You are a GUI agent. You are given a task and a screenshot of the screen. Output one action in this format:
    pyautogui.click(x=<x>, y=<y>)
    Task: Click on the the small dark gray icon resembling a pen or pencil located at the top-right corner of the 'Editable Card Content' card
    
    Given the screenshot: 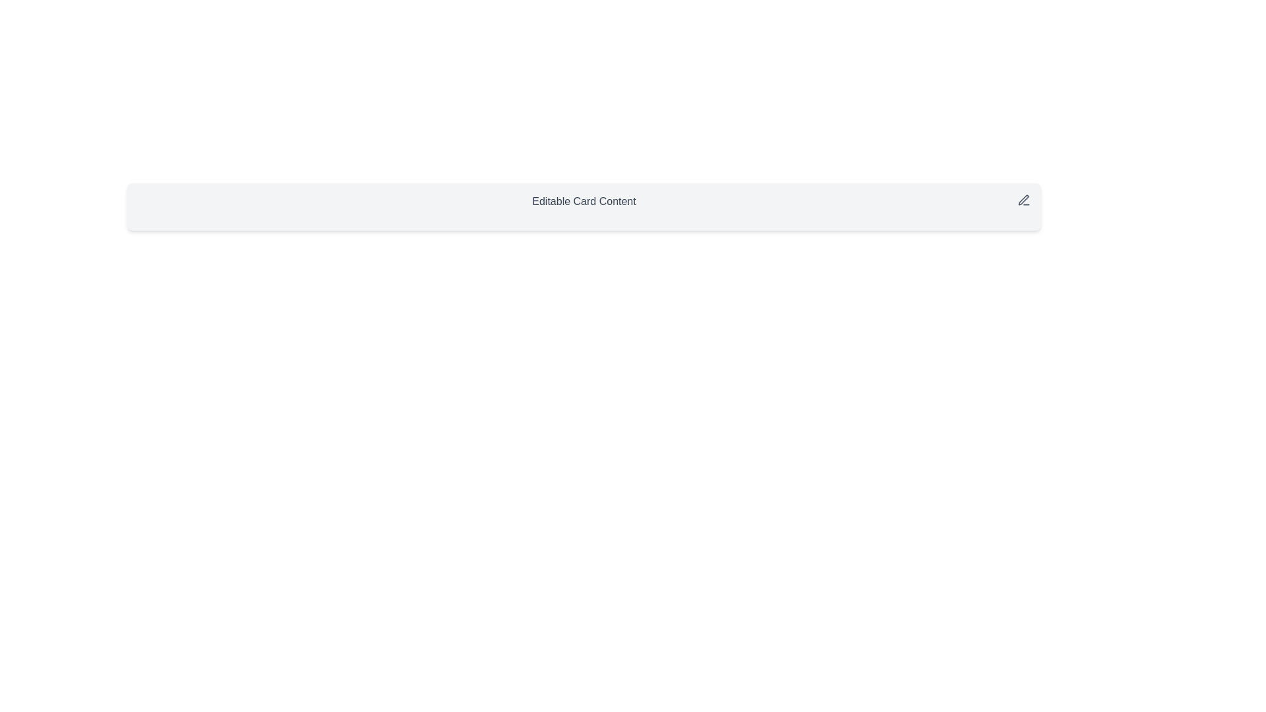 What is the action you would take?
    pyautogui.click(x=1023, y=200)
    